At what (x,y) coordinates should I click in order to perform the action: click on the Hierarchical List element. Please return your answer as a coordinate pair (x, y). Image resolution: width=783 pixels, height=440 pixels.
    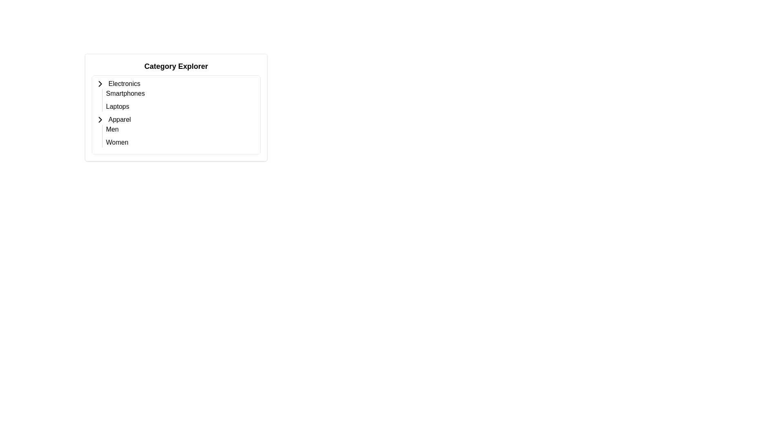
    Looking at the image, I should click on (176, 113).